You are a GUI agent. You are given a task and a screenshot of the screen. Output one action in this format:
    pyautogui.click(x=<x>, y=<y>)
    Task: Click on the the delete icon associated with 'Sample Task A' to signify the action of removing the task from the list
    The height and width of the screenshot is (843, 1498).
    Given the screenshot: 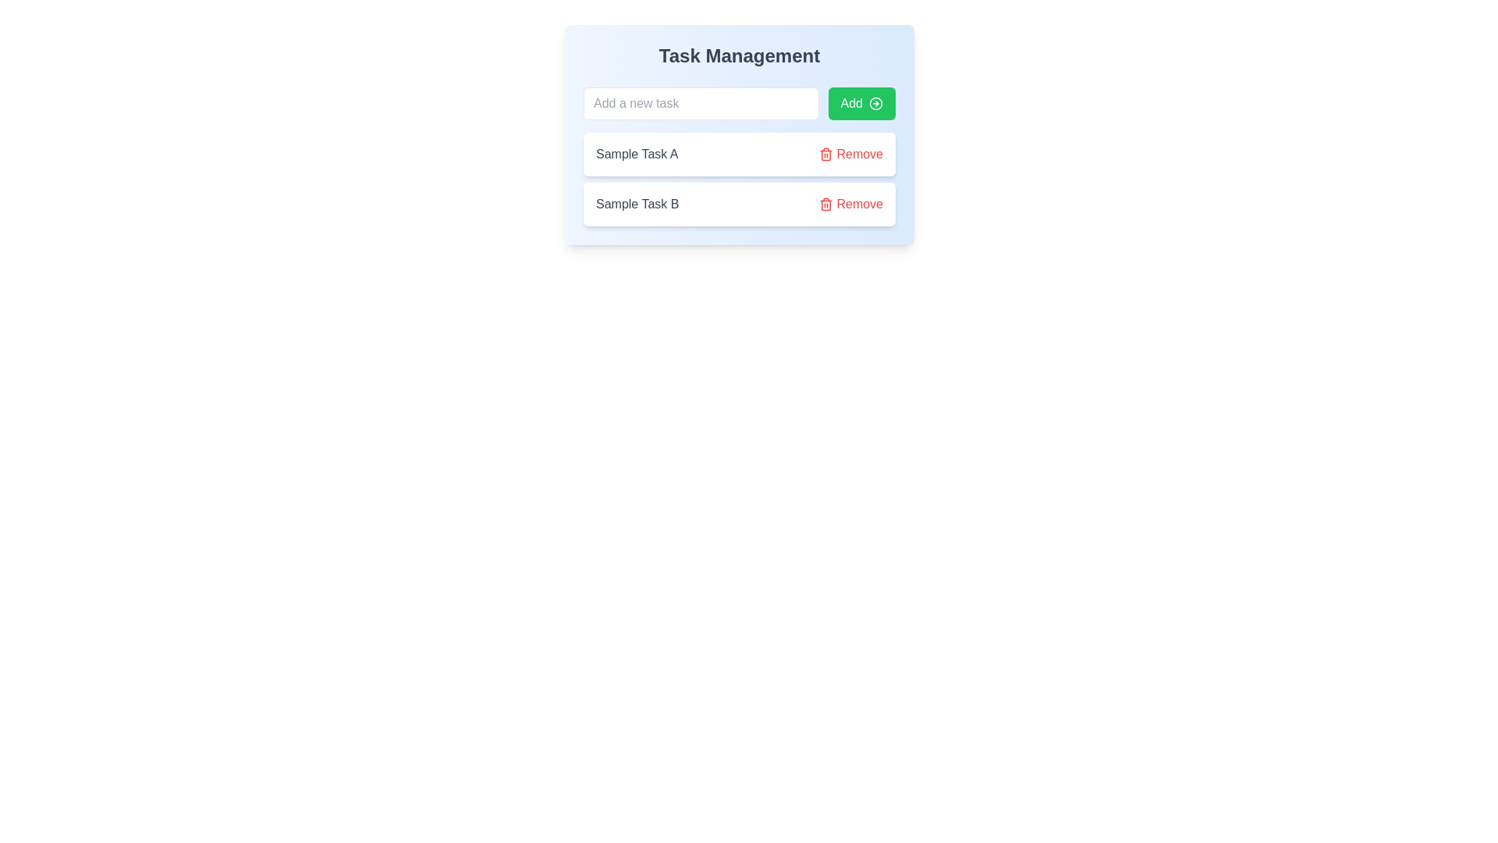 What is the action you would take?
    pyautogui.click(x=825, y=155)
    